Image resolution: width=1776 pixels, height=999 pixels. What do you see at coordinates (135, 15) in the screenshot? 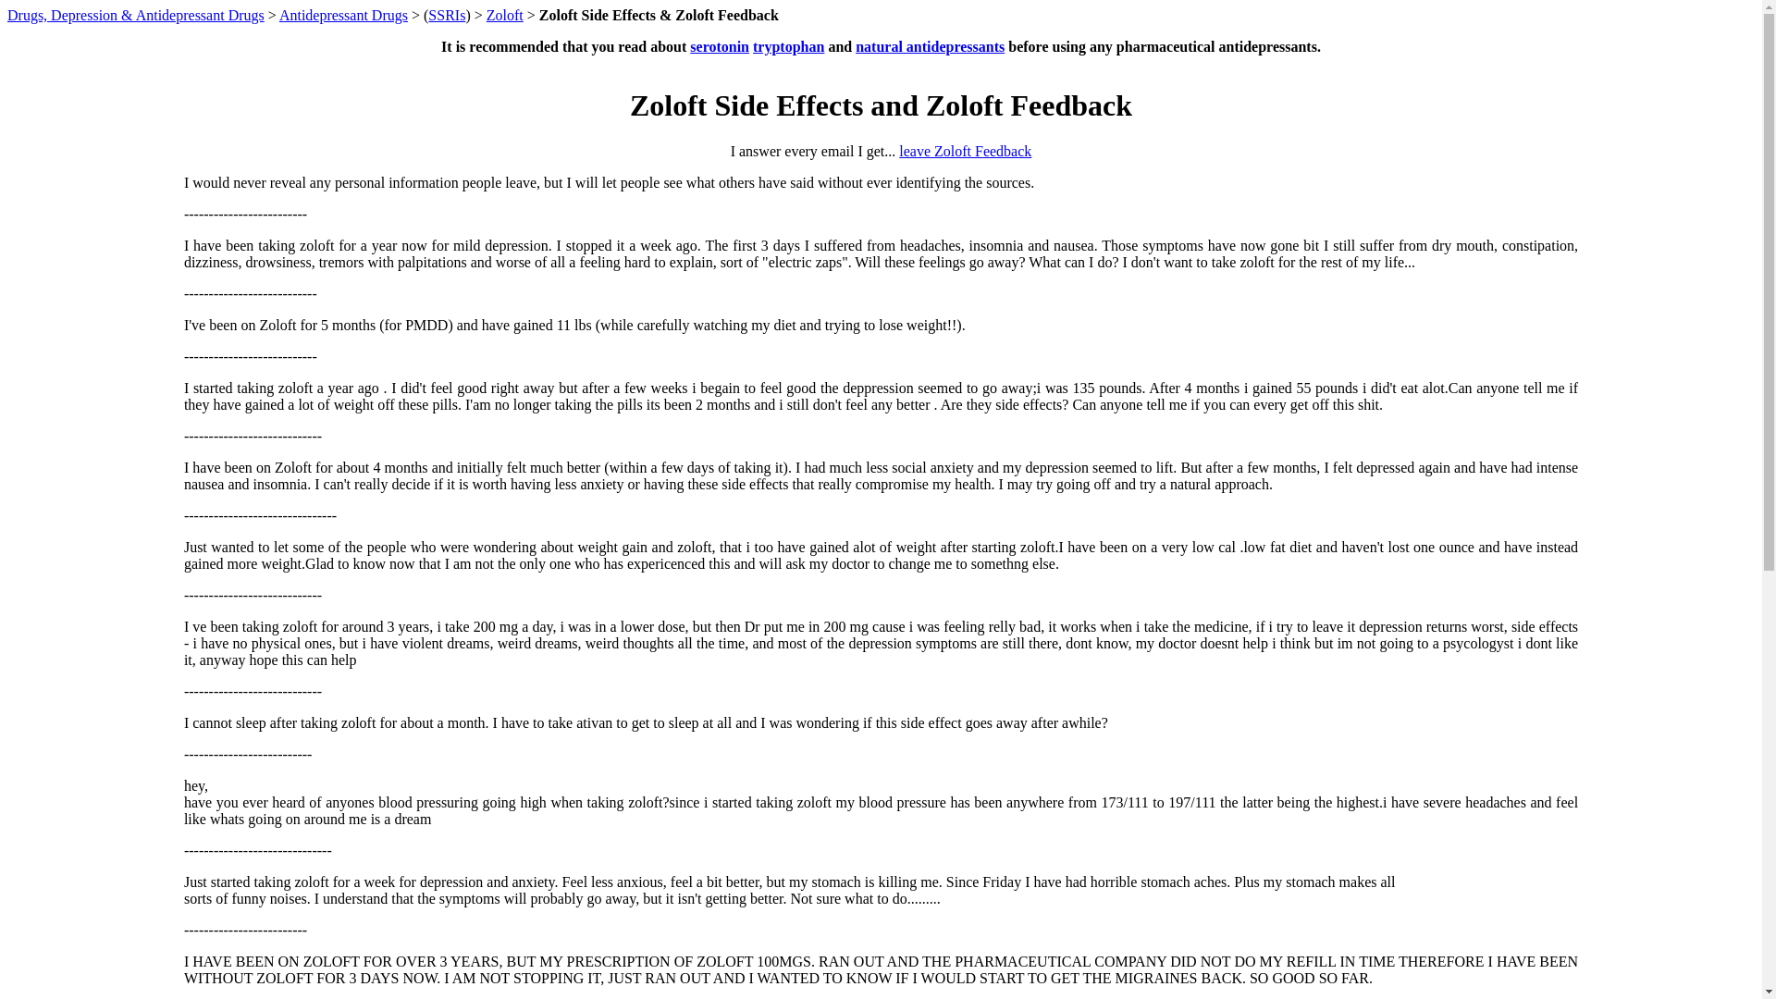
I see `'Drugs, Depression & Antidepressant Drugs'` at bounding box center [135, 15].